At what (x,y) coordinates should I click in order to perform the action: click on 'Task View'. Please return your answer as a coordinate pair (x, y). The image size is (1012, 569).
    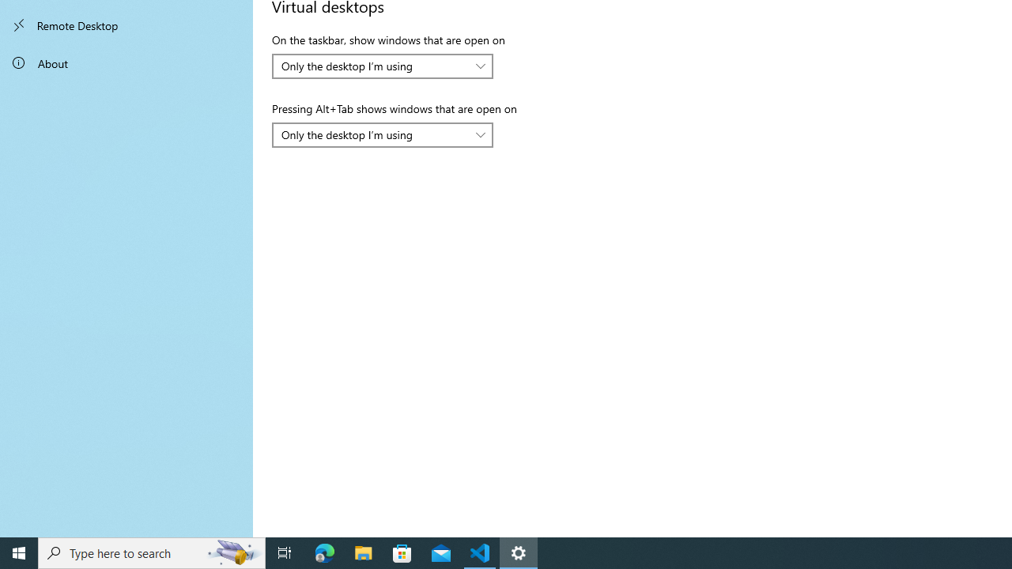
    Looking at the image, I should click on (284, 552).